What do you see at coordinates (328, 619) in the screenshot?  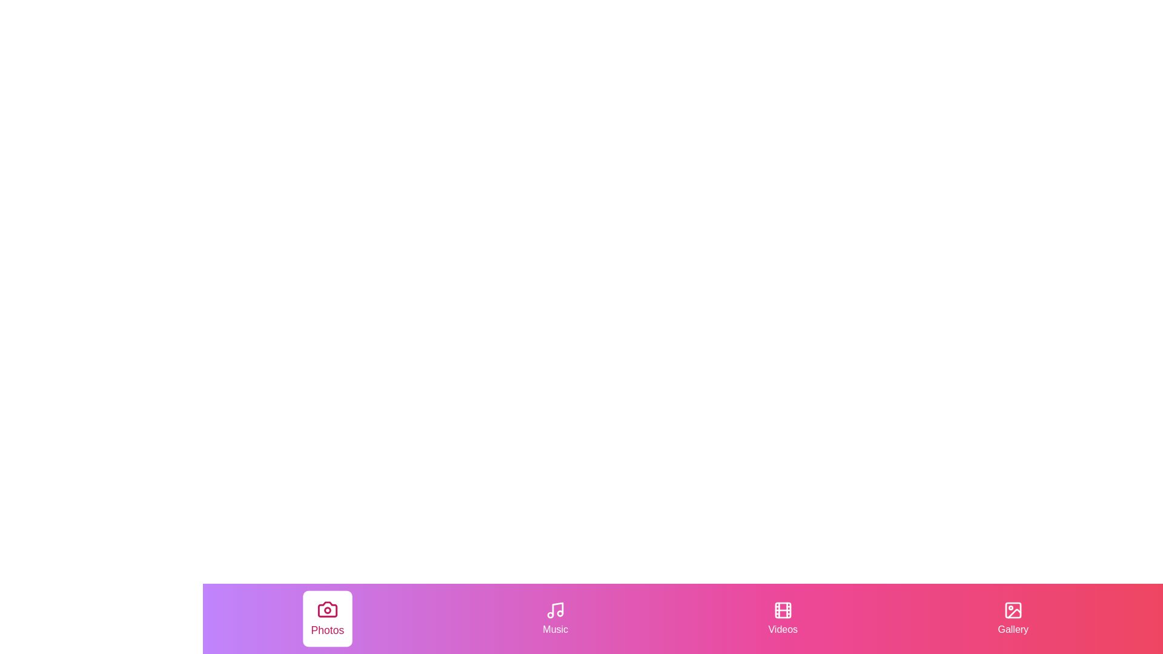 I see `the Photos tab to observe its hover effect` at bounding box center [328, 619].